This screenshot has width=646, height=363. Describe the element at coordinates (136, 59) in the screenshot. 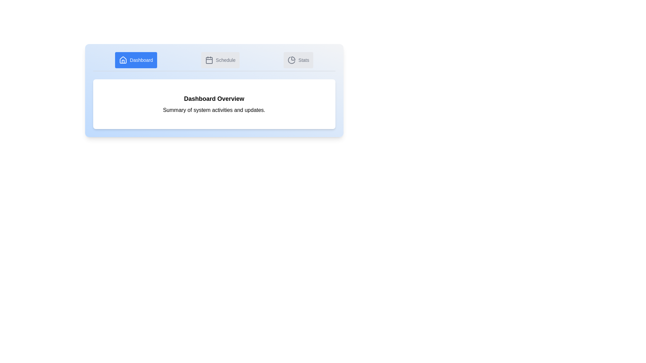

I see `the Dashboard tab by clicking on it` at that location.